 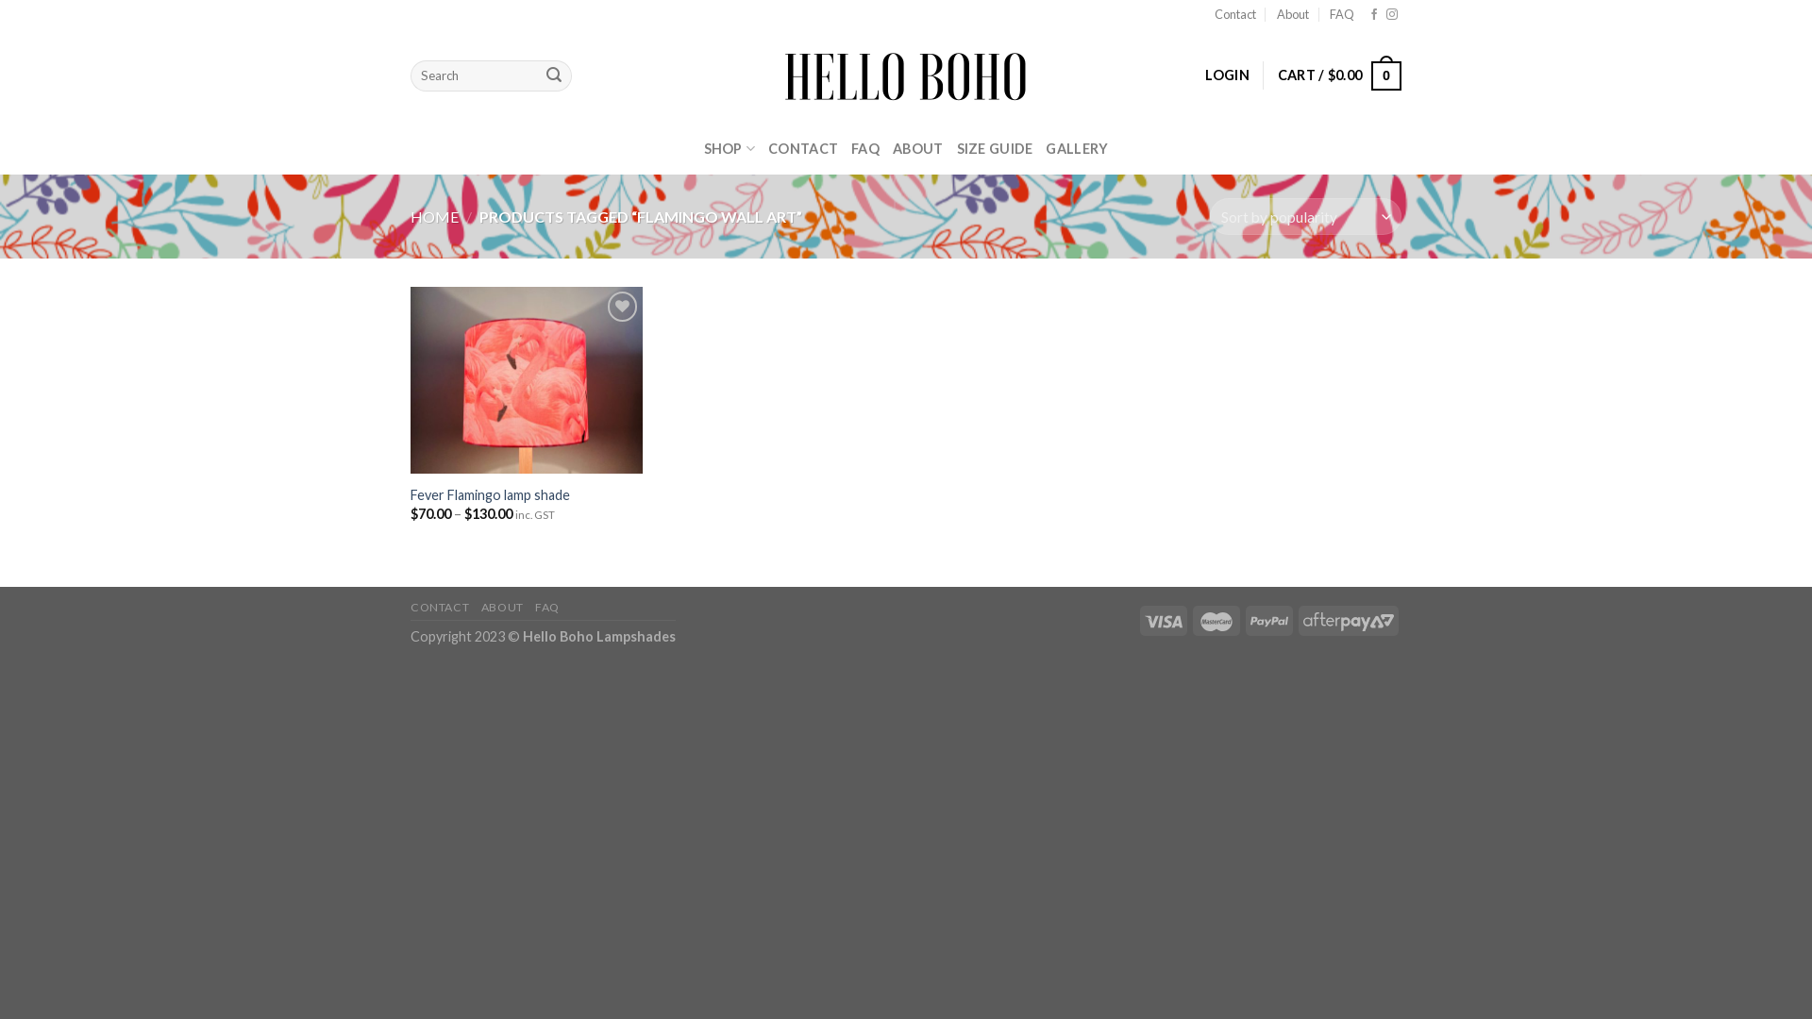 I want to click on 'ABOUT', so click(x=917, y=148).